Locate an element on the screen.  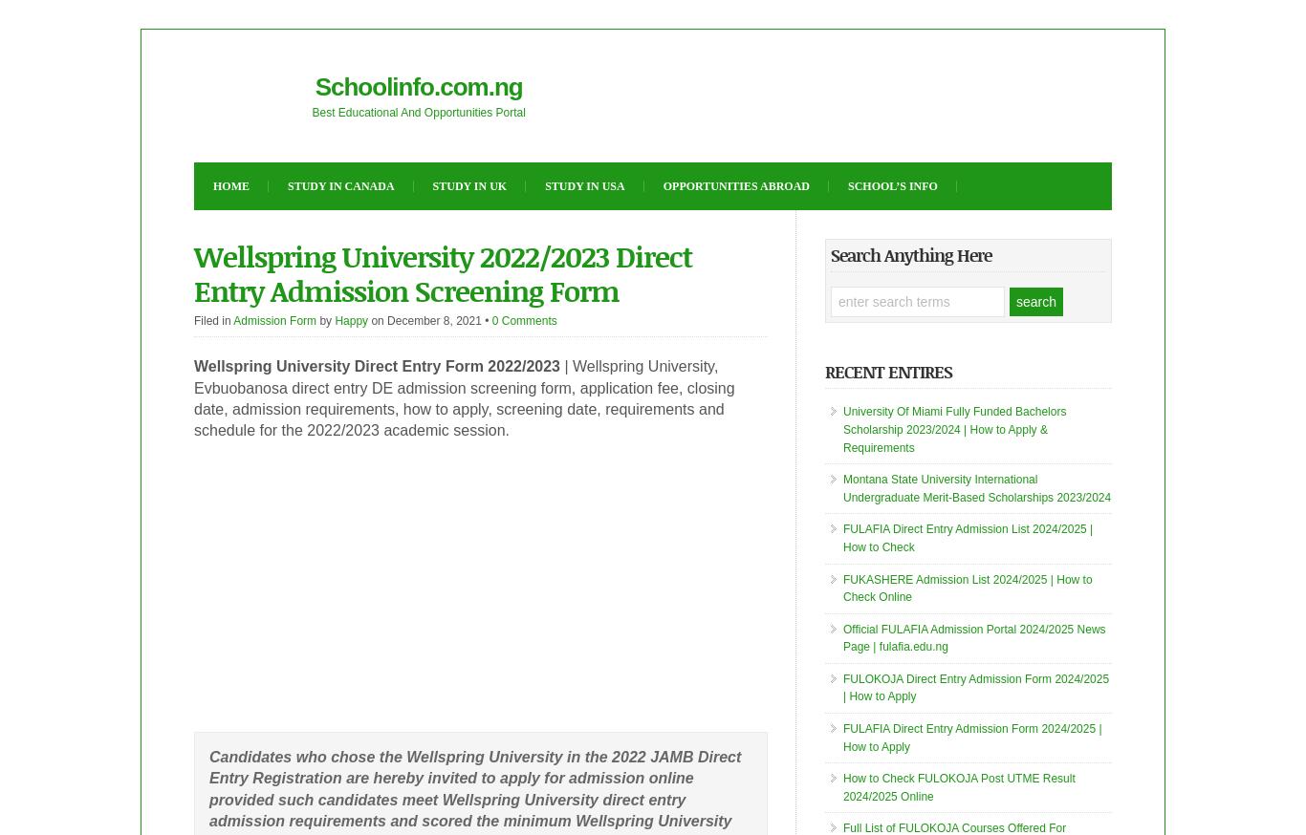
'How to Check FULOKOJA Post UTME Result 2024/2025 Online' is located at coordinates (959, 787).